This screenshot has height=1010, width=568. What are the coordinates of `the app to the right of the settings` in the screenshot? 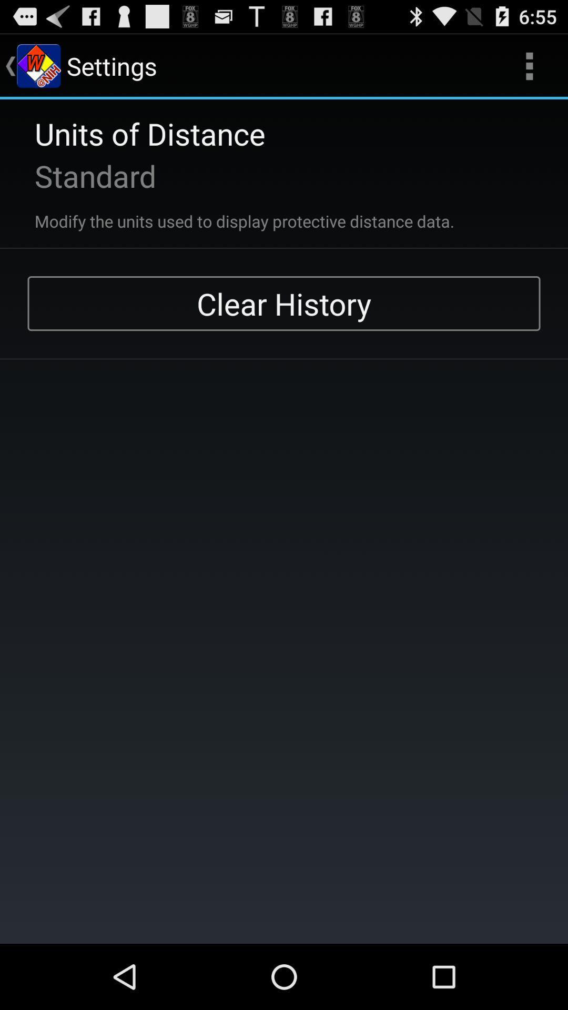 It's located at (529, 65).